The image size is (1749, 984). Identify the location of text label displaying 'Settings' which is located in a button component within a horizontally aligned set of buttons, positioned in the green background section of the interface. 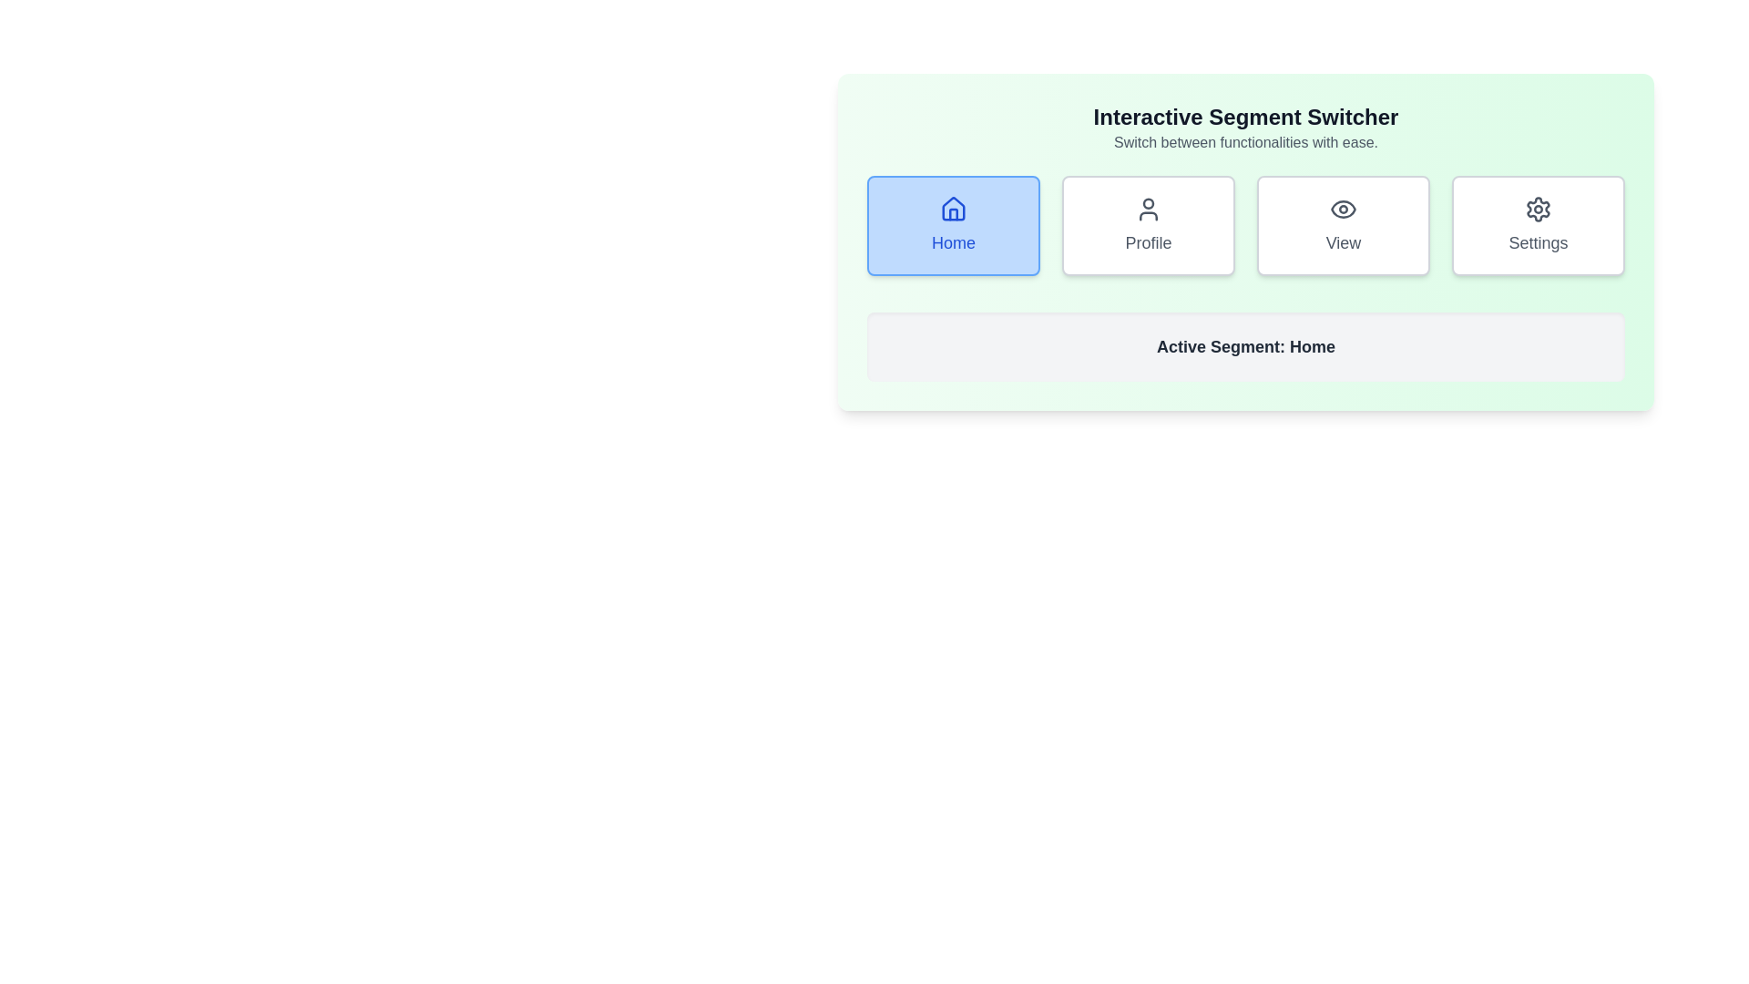
(1538, 241).